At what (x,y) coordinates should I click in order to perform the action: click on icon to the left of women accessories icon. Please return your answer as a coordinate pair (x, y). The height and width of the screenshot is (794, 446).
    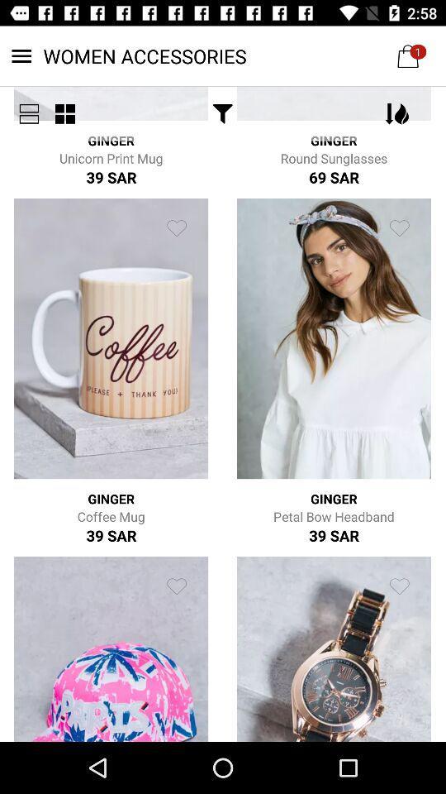
    Looking at the image, I should click on (29, 112).